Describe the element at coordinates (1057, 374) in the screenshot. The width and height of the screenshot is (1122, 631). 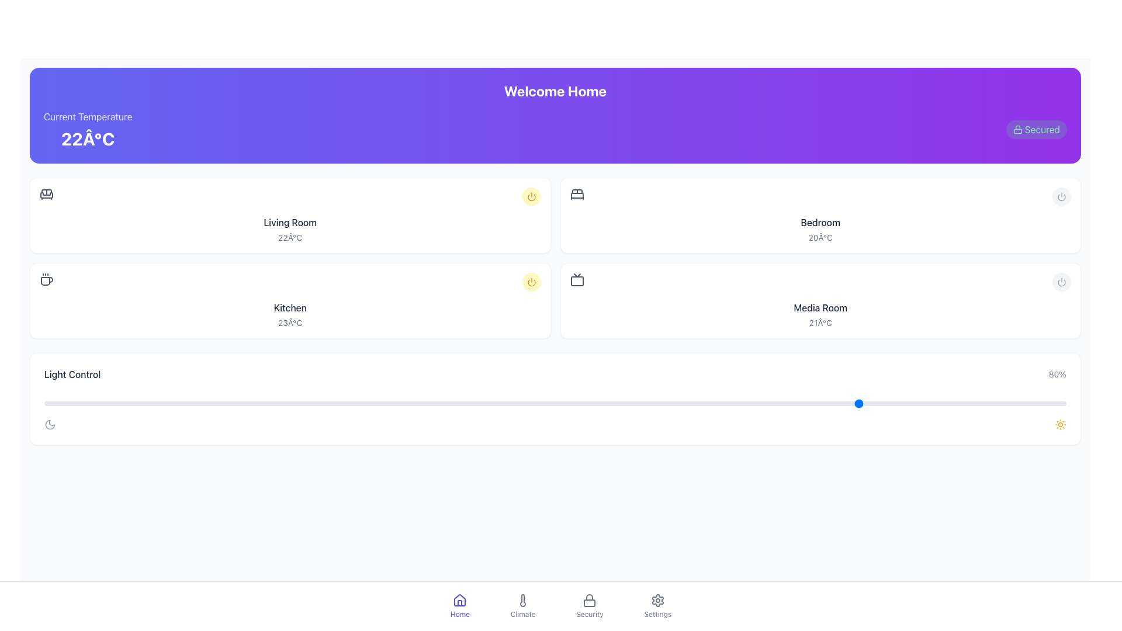
I see `information displayed in the text label indicating a percentage, specifically the value '80%', located at the far-right side of the 'Light Control' row` at that location.